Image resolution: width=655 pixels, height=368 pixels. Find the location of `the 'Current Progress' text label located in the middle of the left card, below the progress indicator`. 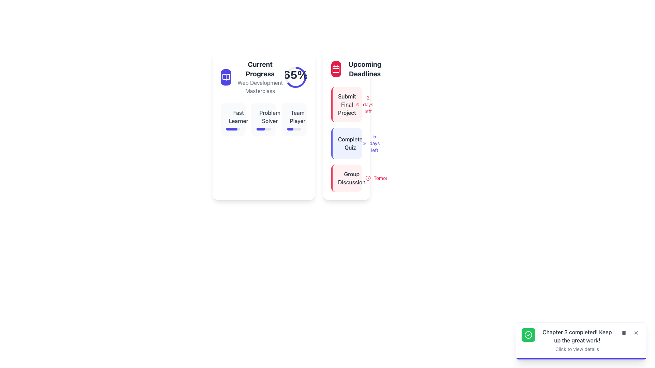

the 'Current Progress' text label located in the middle of the left card, below the progress indicator is located at coordinates (270, 117).